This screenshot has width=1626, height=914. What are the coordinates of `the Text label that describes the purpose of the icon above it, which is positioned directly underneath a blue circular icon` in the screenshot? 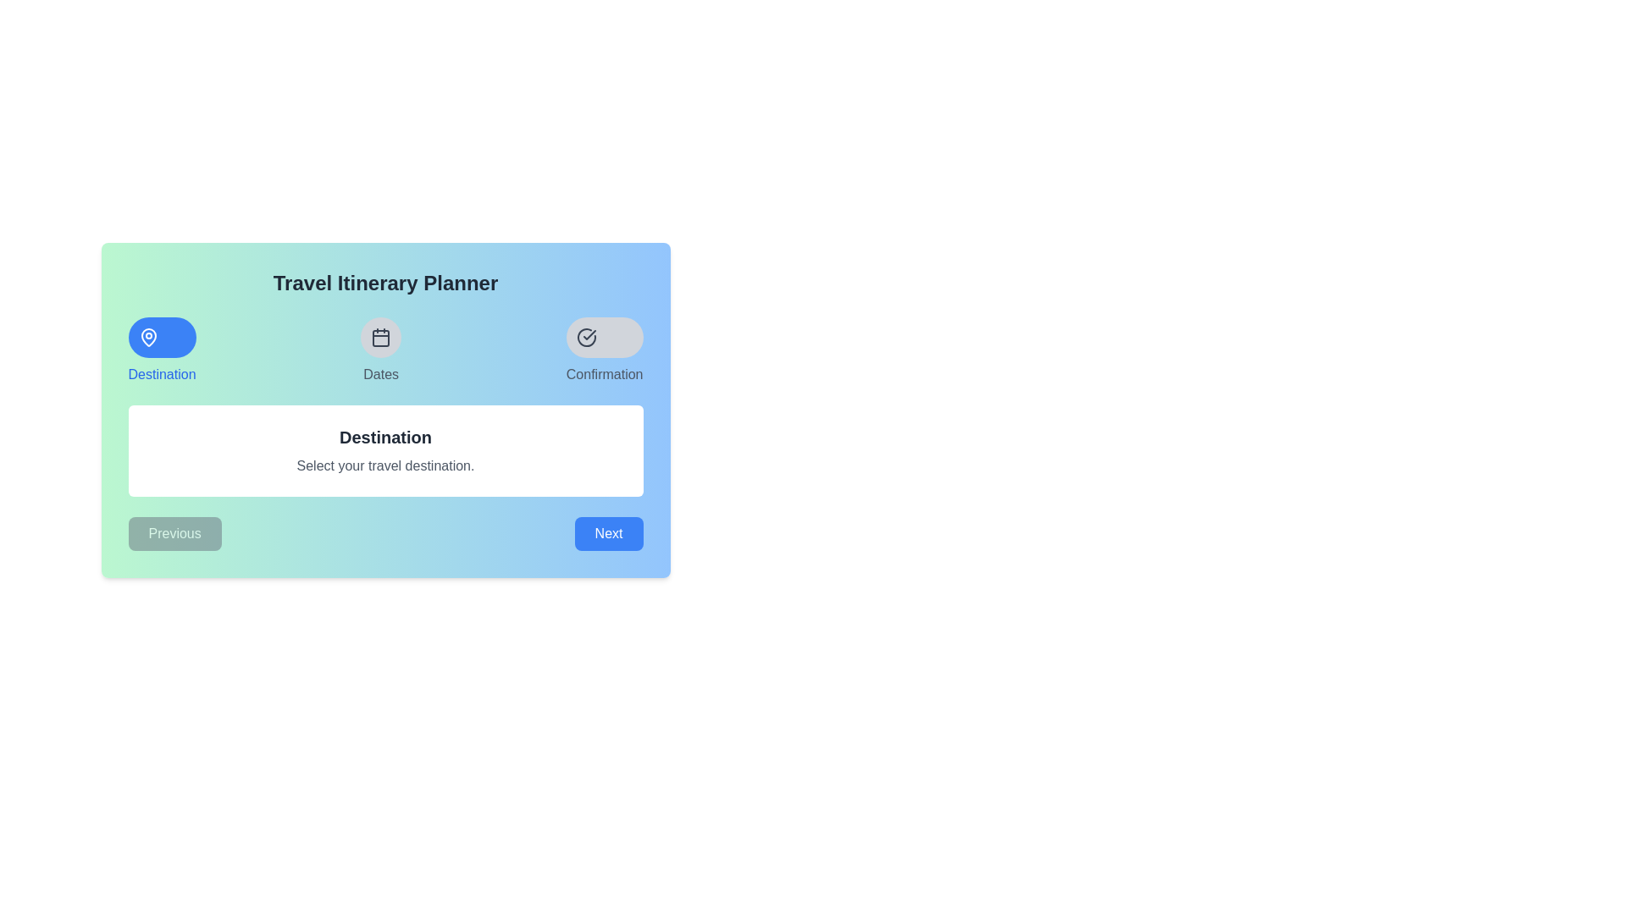 It's located at (162, 374).